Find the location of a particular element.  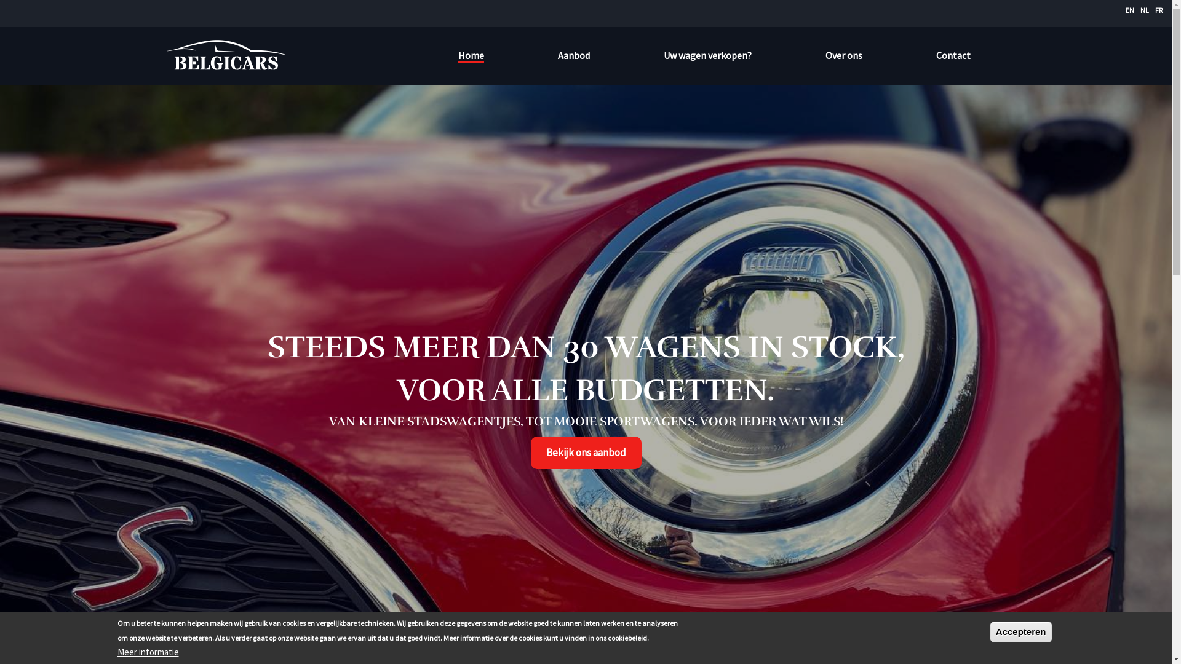

'NL' is located at coordinates (1144, 10).